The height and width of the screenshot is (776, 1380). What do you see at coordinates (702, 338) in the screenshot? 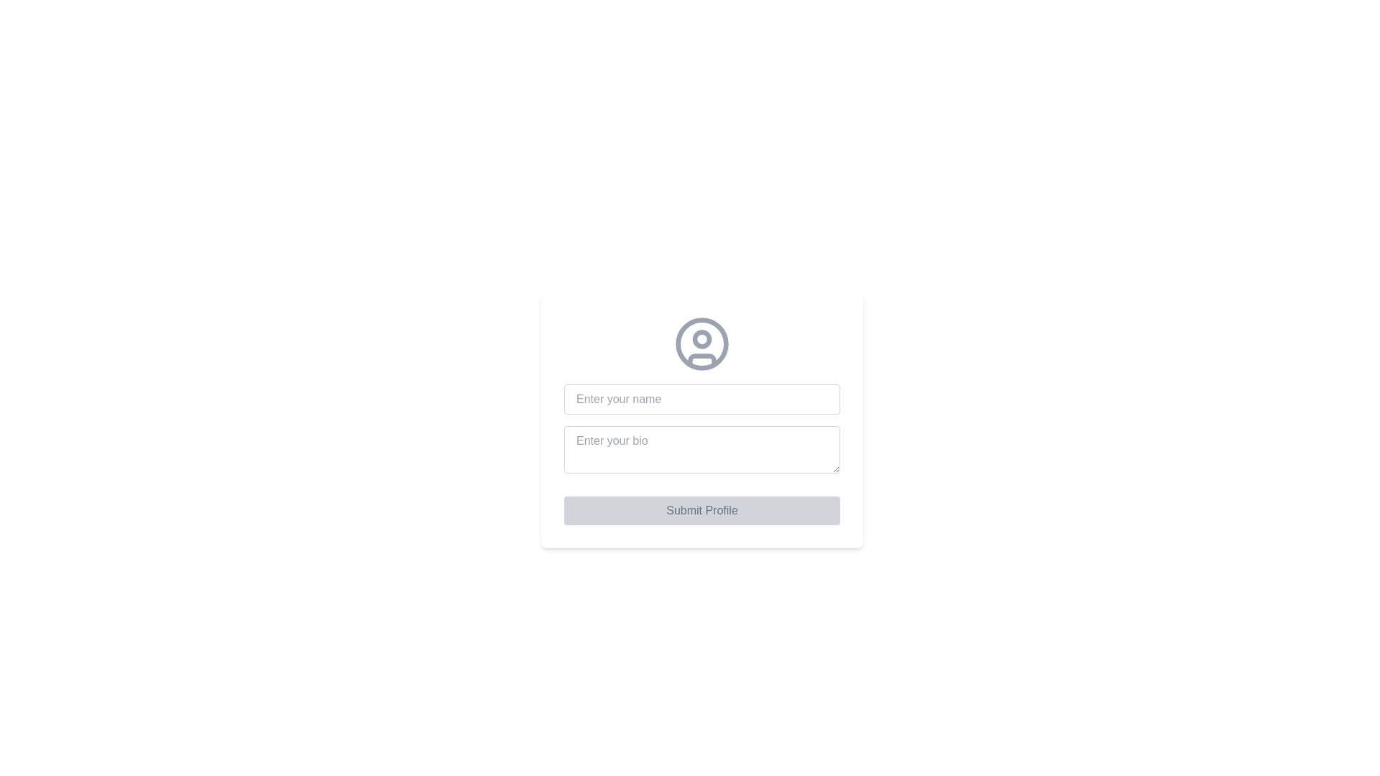
I see `the small circular design element located at the center of the larger circular user avatar icon, which is positioned in the upper half of the icon's interior` at bounding box center [702, 338].